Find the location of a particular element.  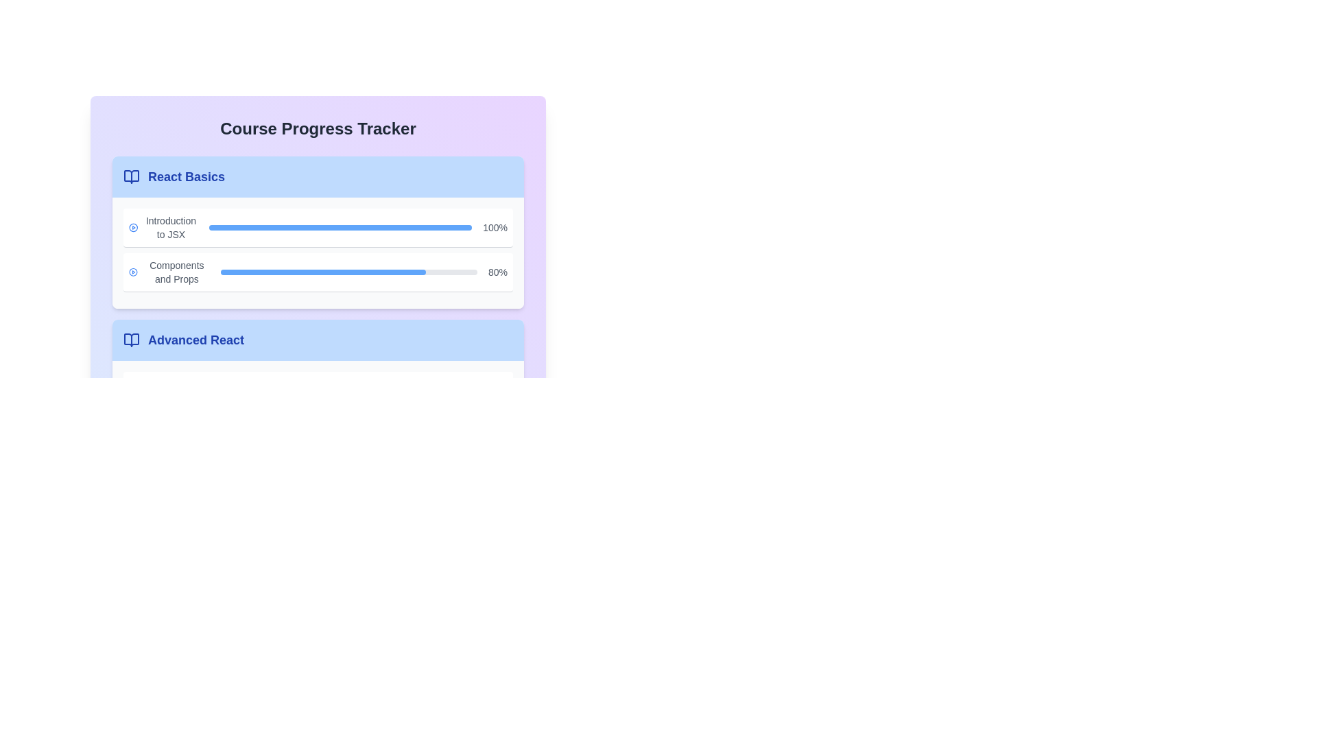

the icon representing the 'Advanced React' course, which is located in the middle-left section of a rectangular box with a blue background is located at coordinates (132, 340).